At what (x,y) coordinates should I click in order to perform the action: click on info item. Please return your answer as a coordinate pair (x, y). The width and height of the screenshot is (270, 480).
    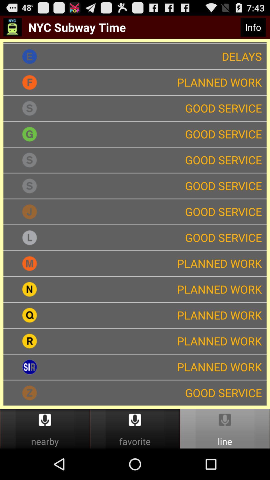
    Looking at the image, I should click on (253, 27).